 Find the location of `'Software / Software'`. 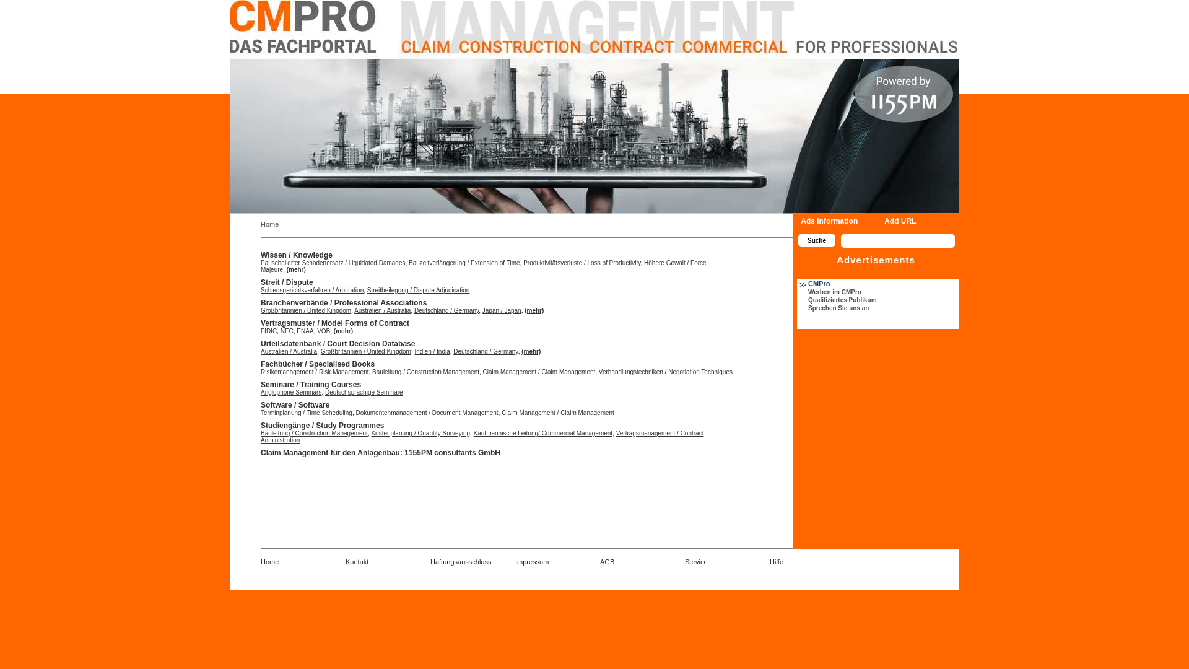

'Software / Software' is located at coordinates (294, 405).